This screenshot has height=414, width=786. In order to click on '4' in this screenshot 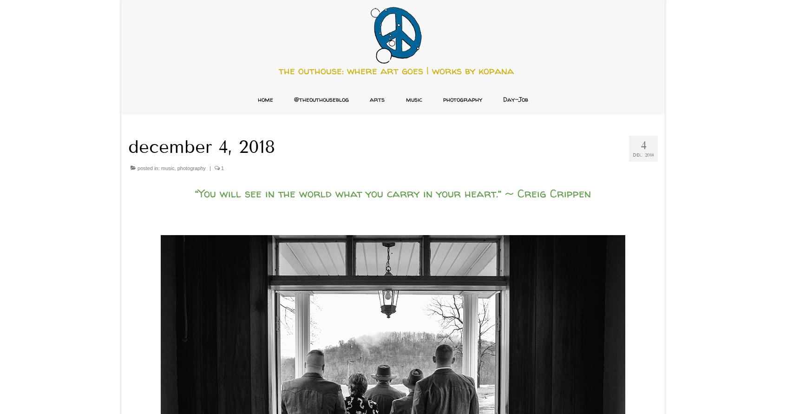, I will do `click(643, 145)`.